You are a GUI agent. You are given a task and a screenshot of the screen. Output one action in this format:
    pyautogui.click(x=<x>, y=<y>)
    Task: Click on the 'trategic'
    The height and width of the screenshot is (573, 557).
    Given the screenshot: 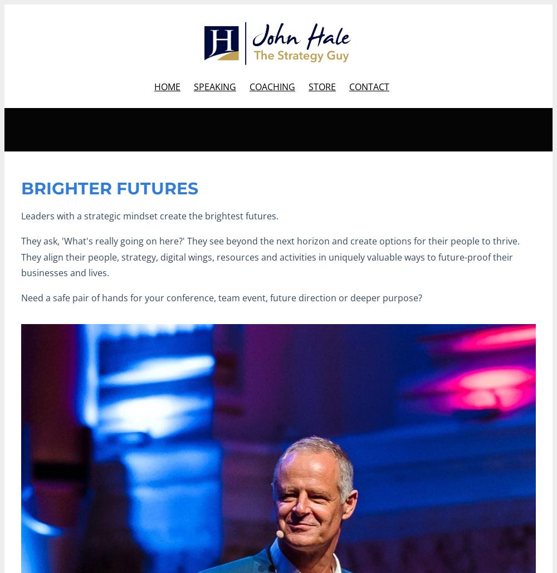 What is the action you would take?
    pyautogui.click(x=105, y=216)
    